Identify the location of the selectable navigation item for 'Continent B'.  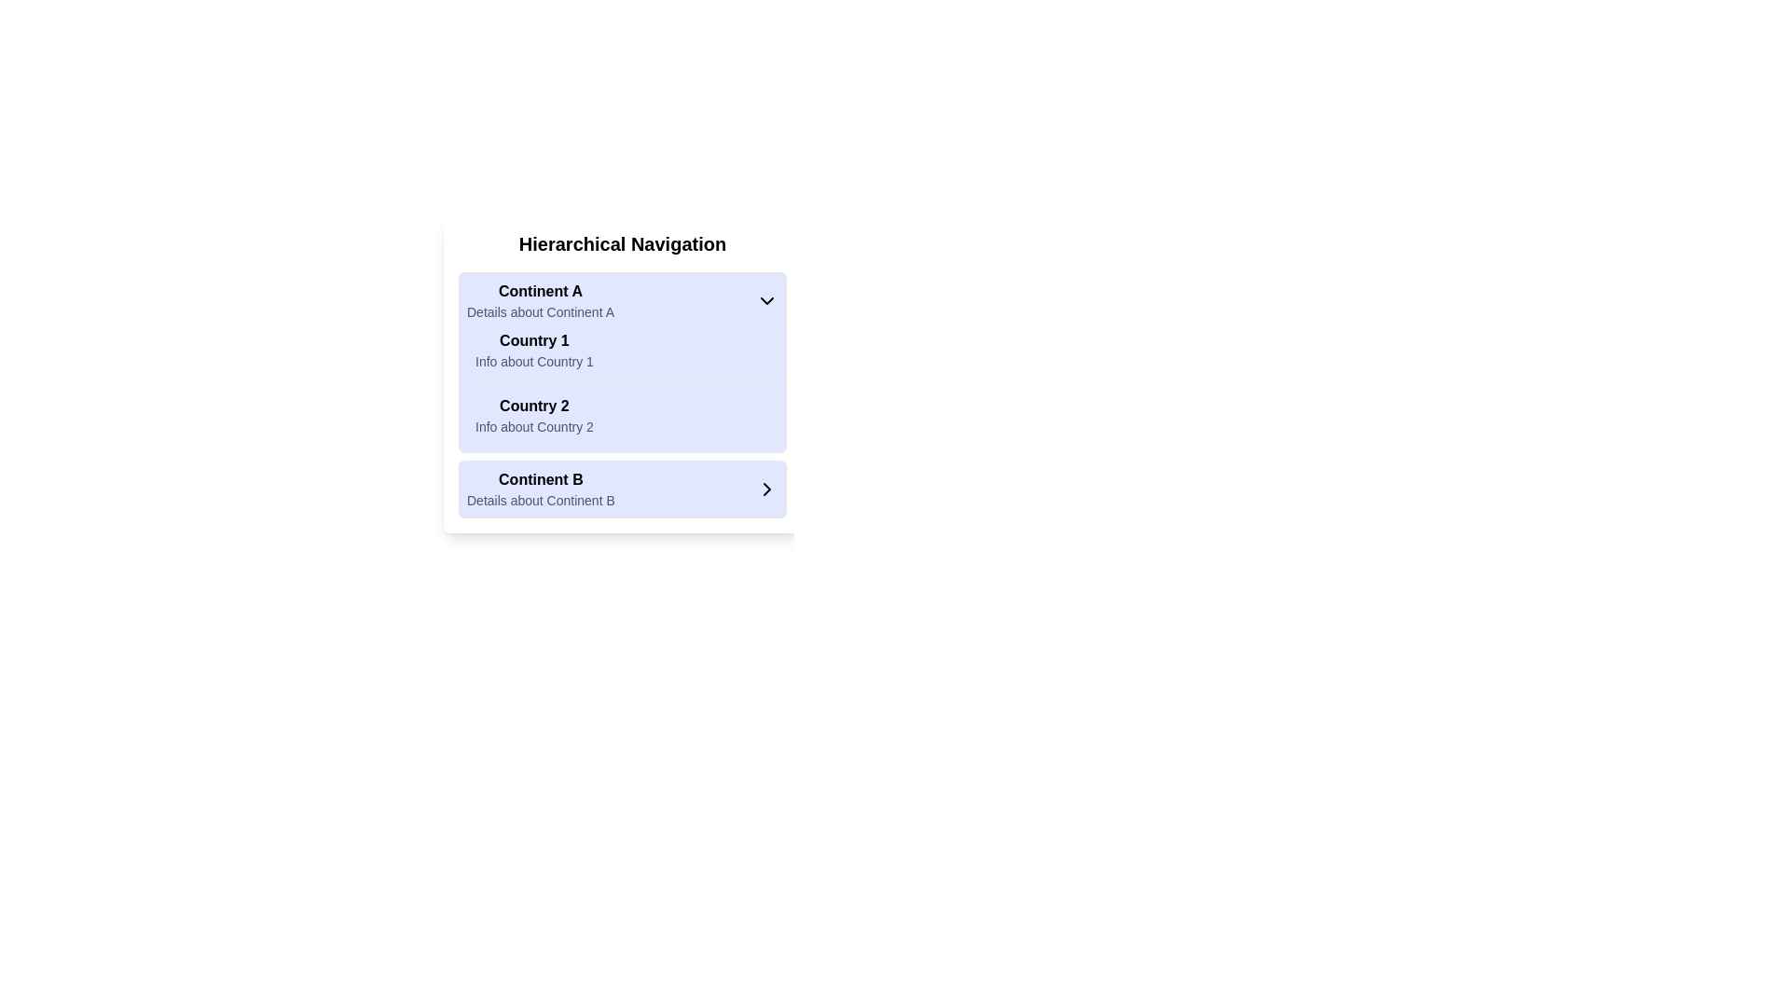
(622, 488).